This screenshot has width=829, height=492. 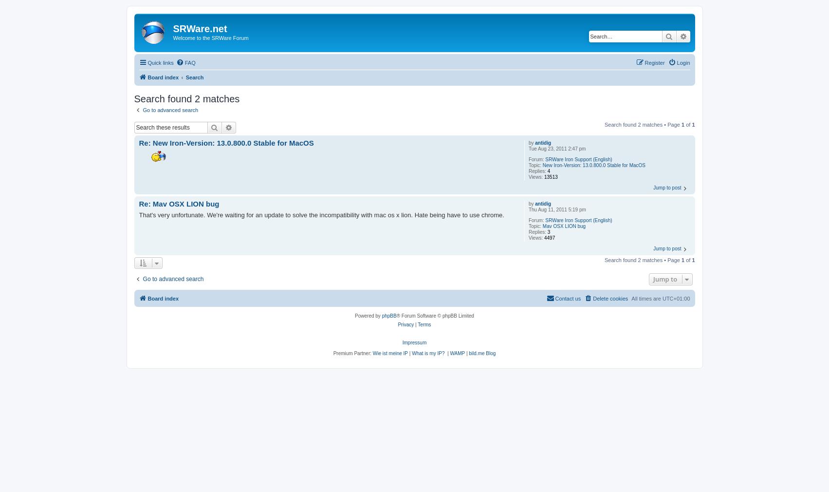 I want to click on 'New Iron-Version: 13.0.800.0 Stable for MacOS', so click(x=593, y=165).